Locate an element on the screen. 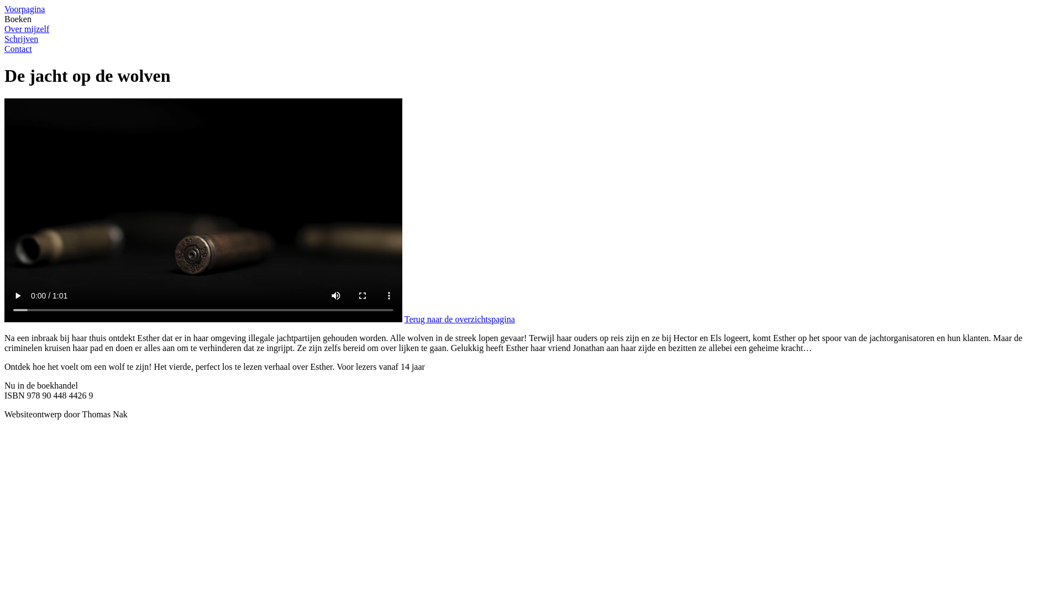  'Terug naar de overzichtspagina' is located at coordinates (459, 319).